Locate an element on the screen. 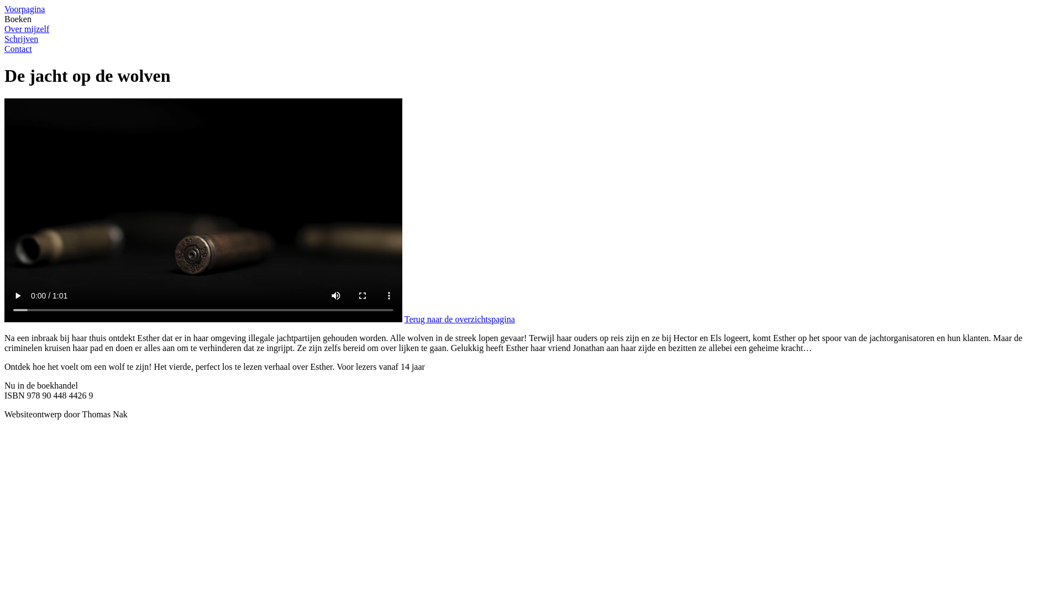  'Terug naar de overzichtspagina' is located at coordinates (459, 319).